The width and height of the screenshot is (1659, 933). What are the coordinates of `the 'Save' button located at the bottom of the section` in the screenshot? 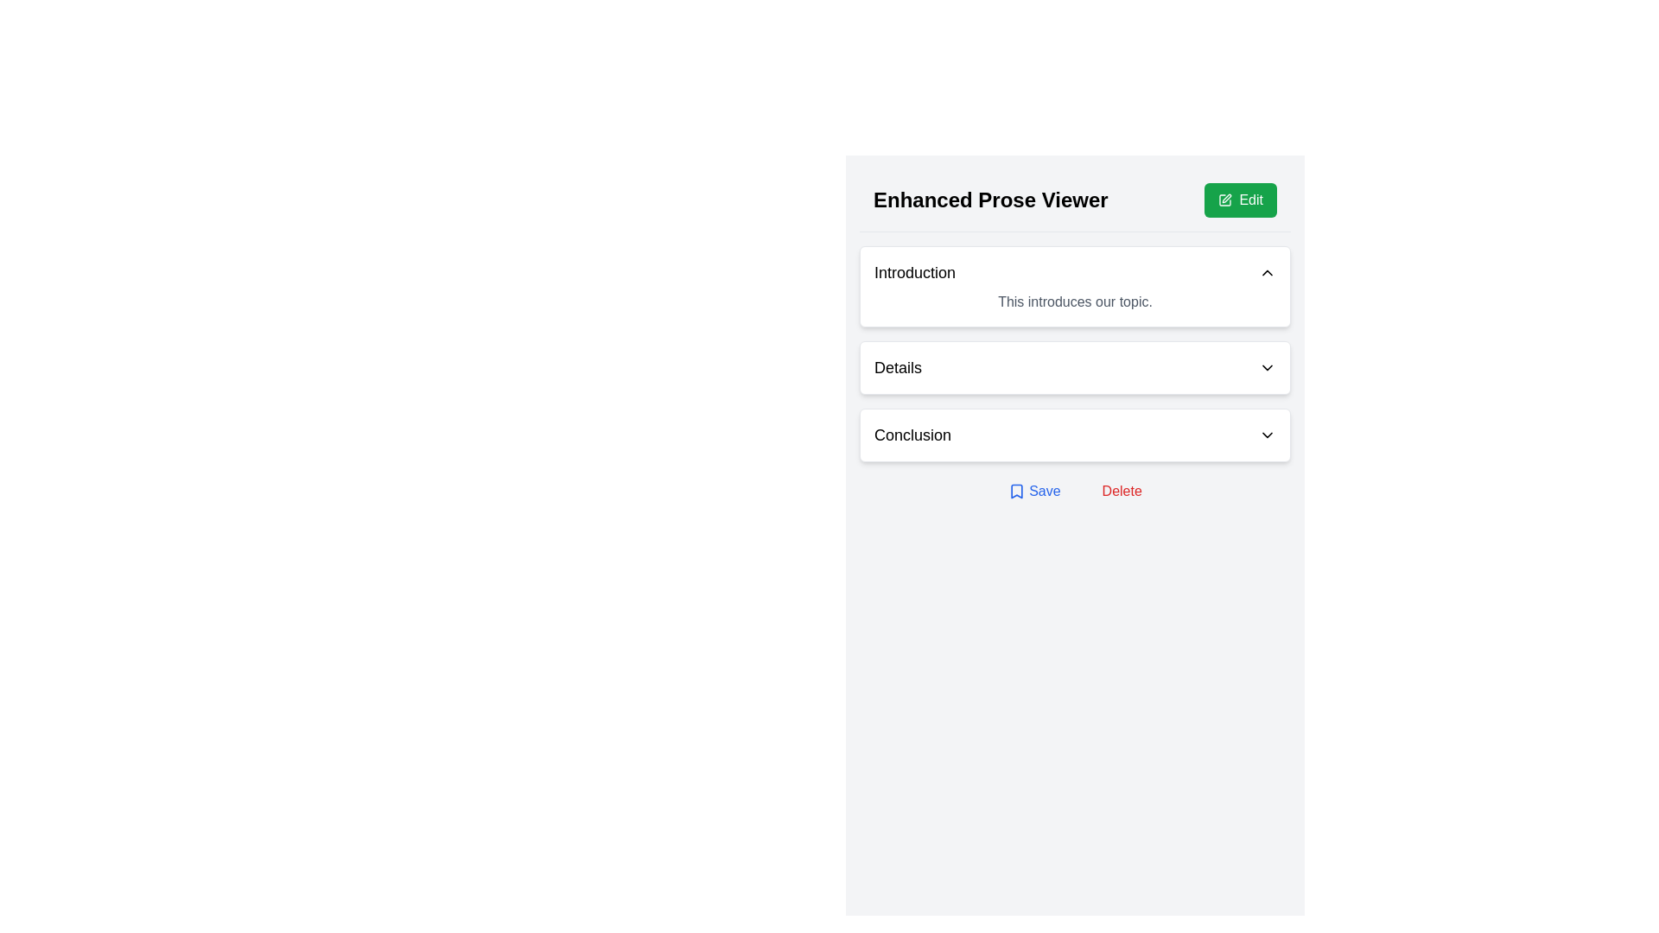 It's located at (1034, 492).